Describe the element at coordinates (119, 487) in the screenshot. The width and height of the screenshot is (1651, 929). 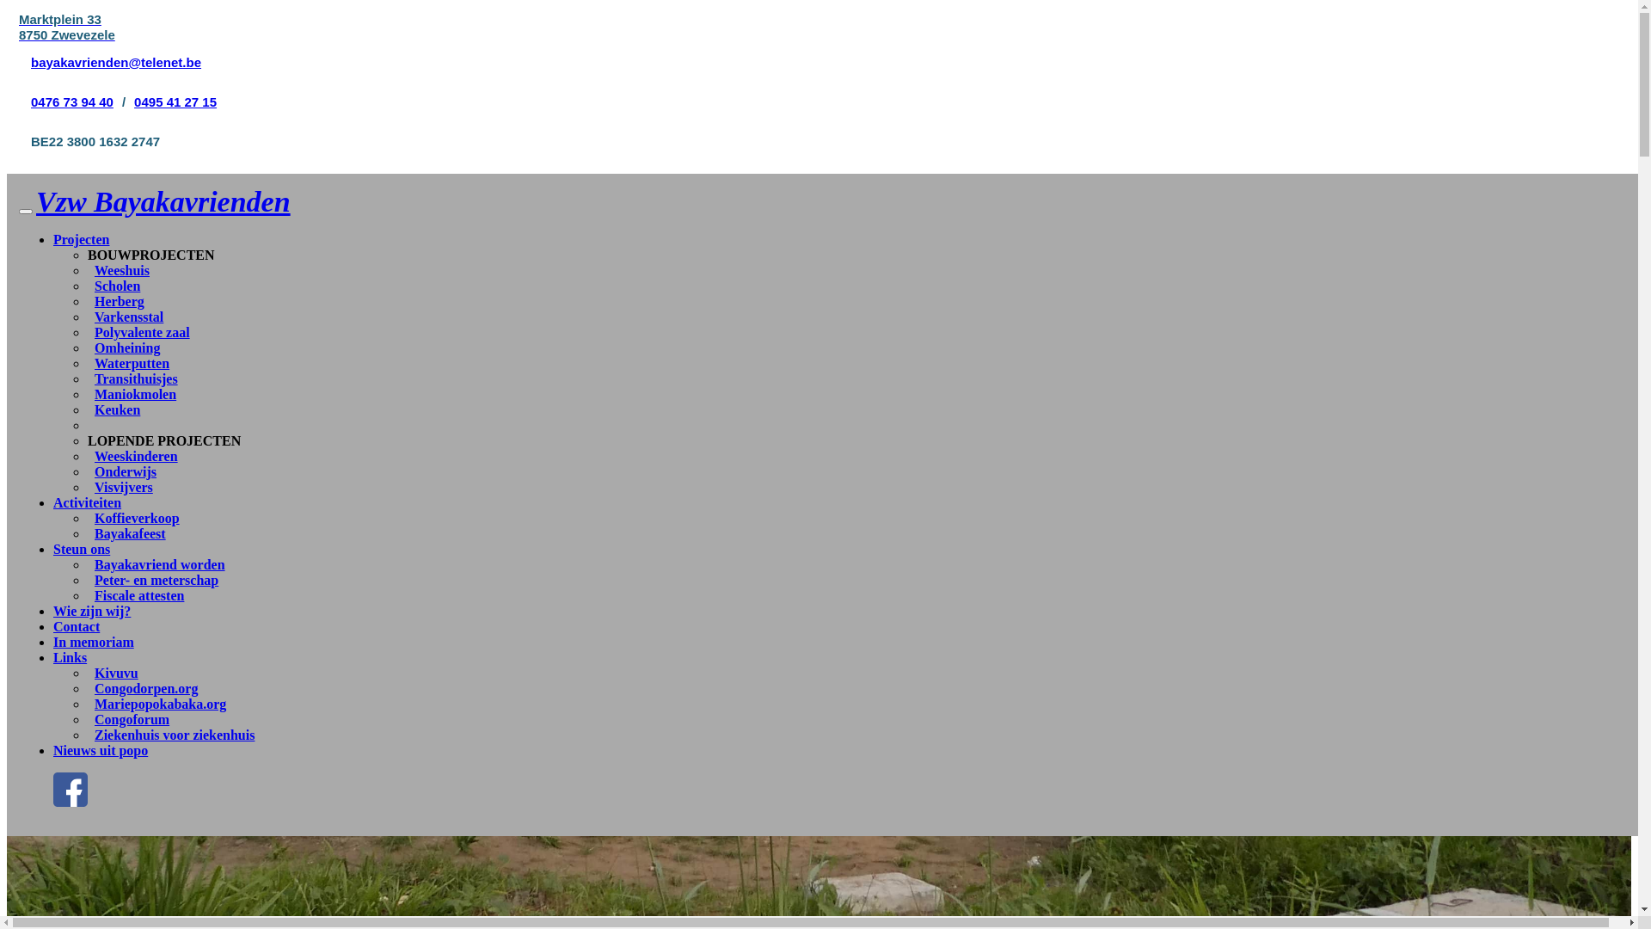
I see `'Visvijvers'` at that location.